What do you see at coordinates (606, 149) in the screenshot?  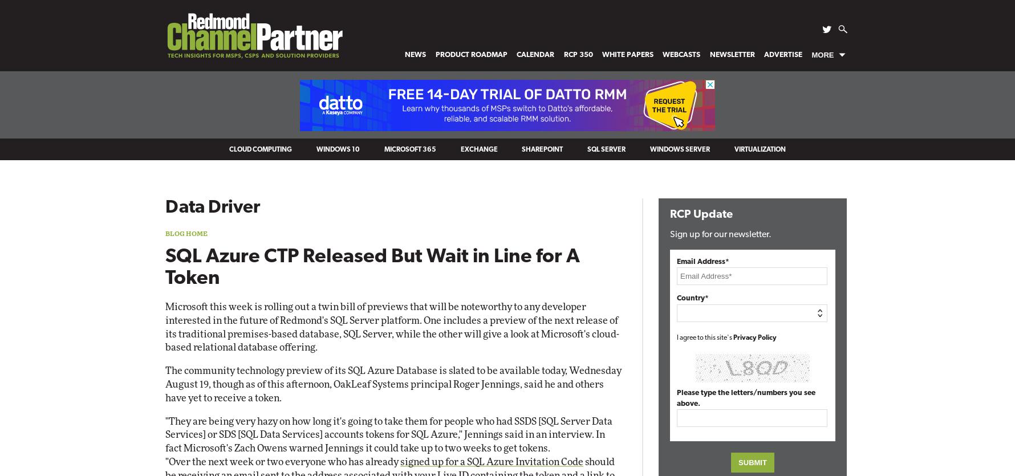 I see `'SQL Server'` at bounding box center [606, 149].